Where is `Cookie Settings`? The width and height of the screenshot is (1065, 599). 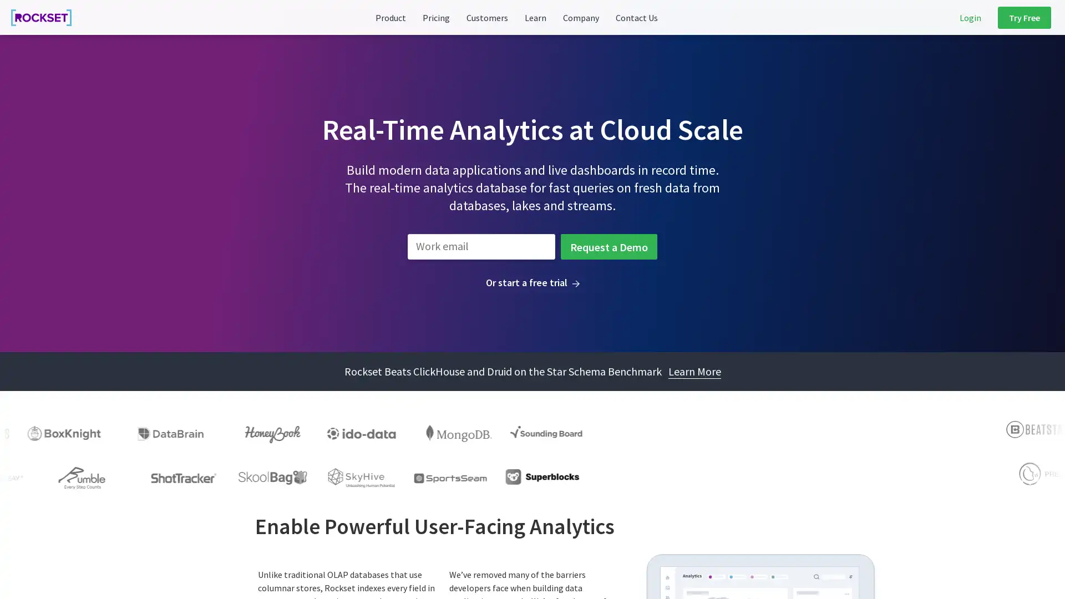
Cookie Settings is located at coordinates (774, 577).